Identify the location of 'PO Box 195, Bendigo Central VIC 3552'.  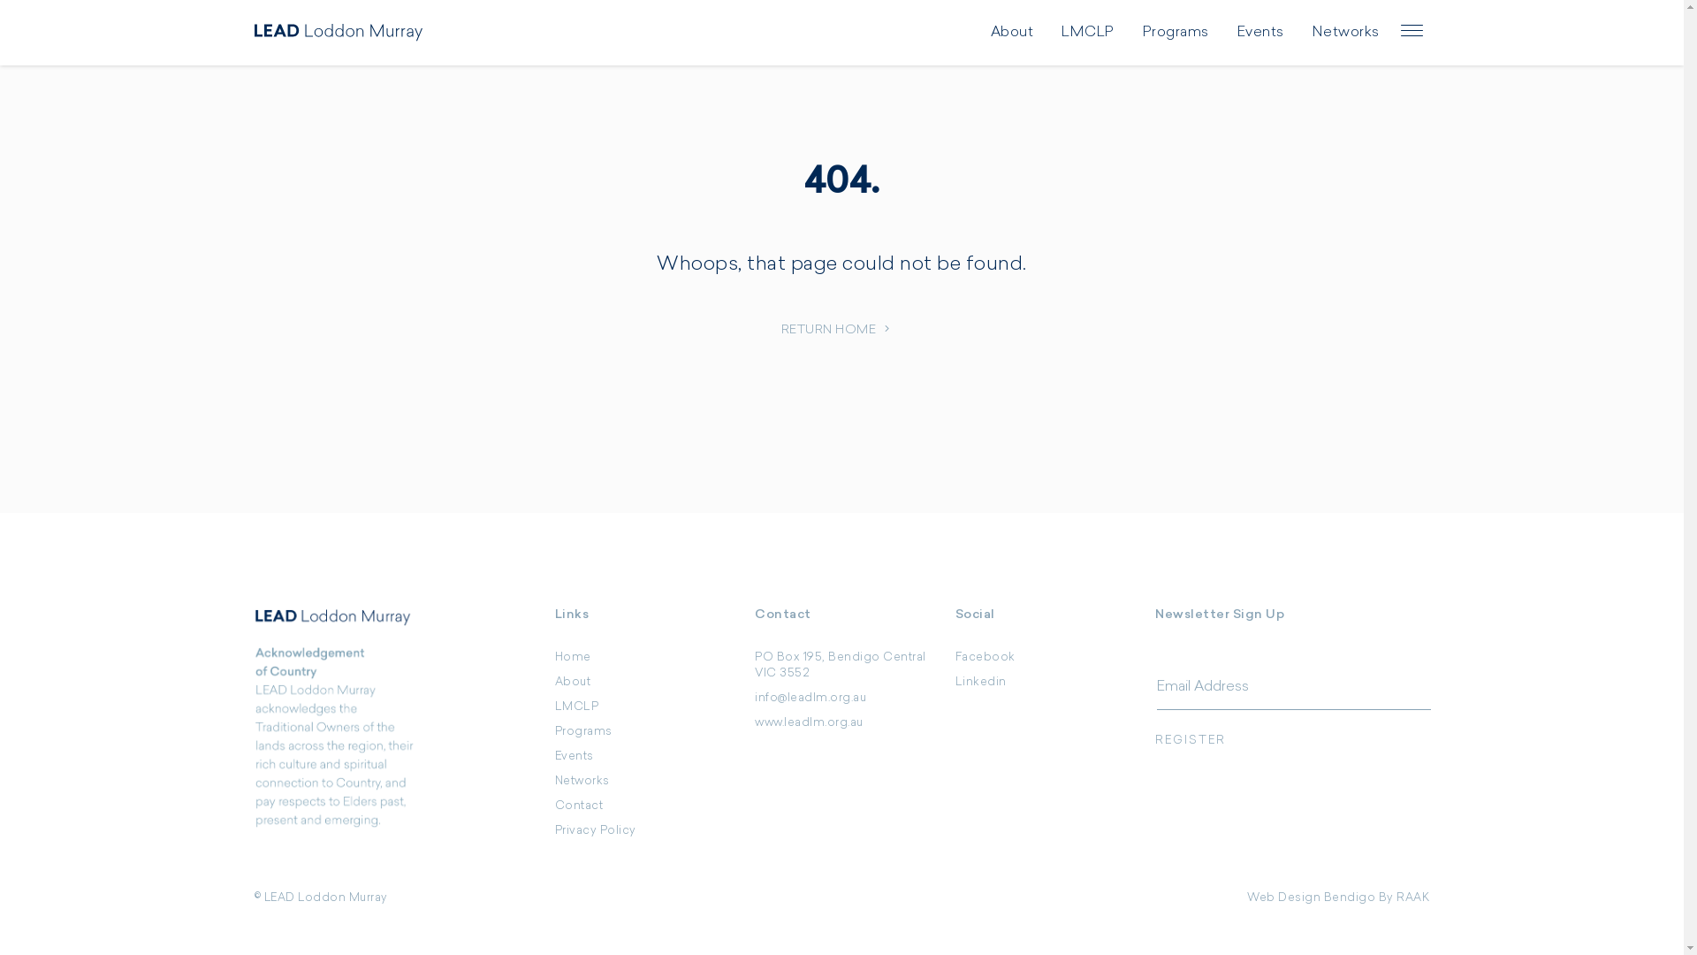
(839, 665).